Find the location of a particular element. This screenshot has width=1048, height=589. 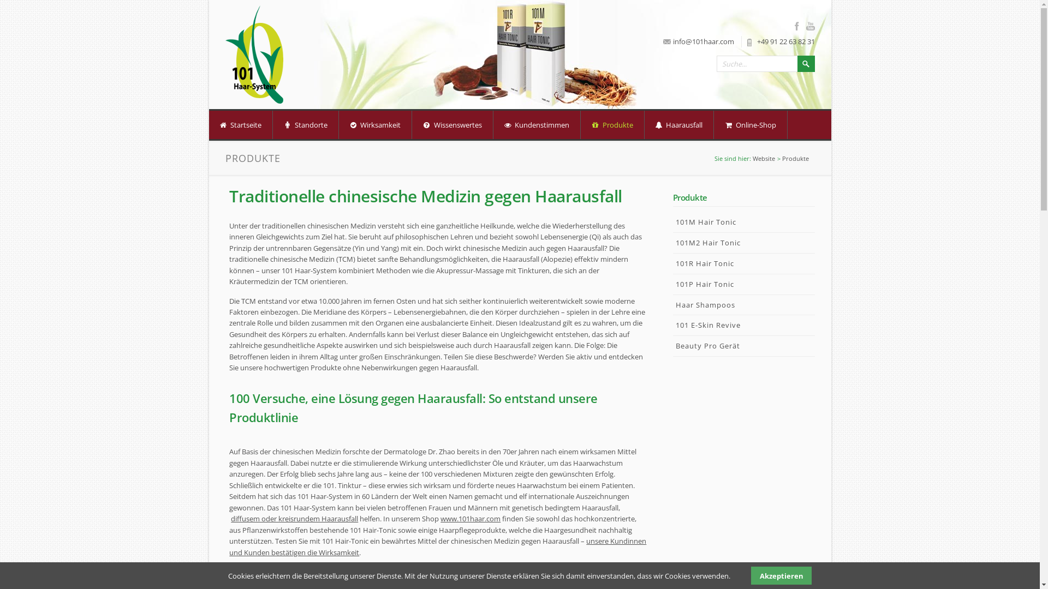

'Haar Shampoos' is located at coordinates (743, 305).